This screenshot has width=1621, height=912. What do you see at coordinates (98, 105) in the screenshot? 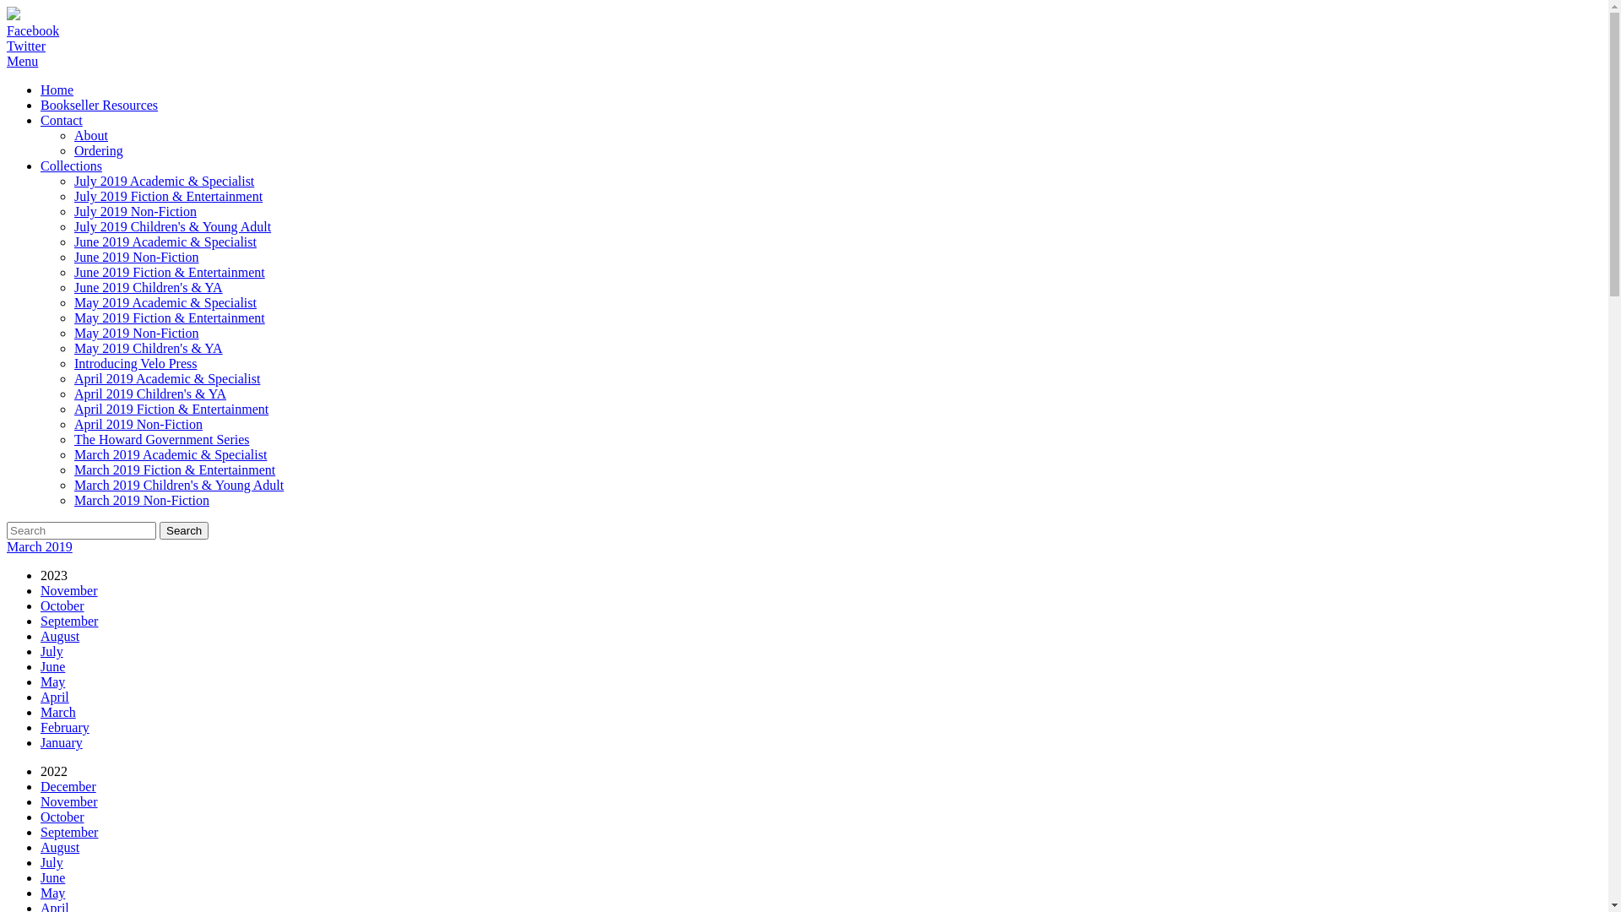
I see `'Bookseller Resources'` at bounding box center [98, 105].